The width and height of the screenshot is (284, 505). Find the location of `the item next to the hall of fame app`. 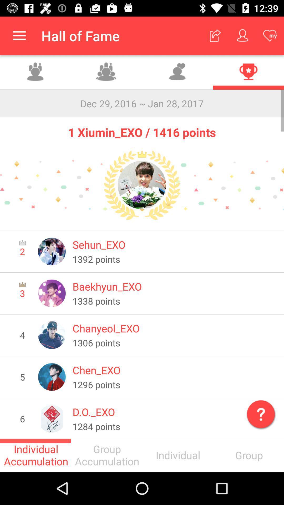

the item next to the hall of fame app is located at coordinates (19, 36).